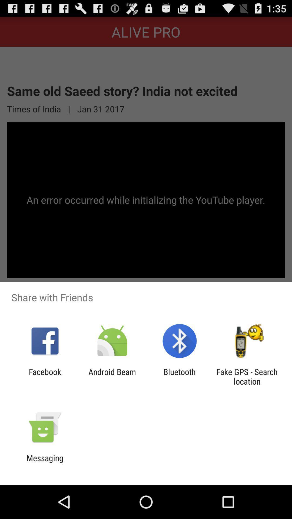 The image size is (292, 519). What do you see at coordinates (247, 376) in the screenshot?
I see `item at the bottom right corner` at bounding box center [247, 376].